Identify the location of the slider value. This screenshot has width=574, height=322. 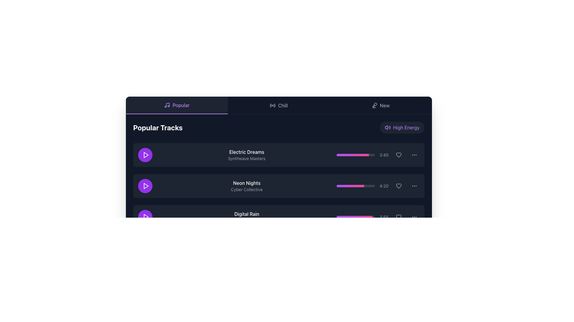
(372, 217).